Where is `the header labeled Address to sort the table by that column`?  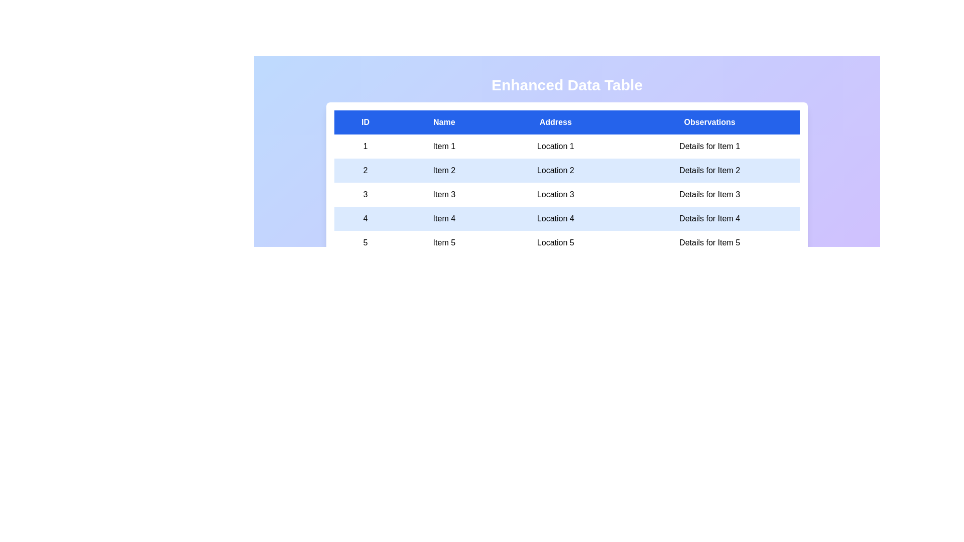
the header labeled Address to sort the table by that column is located at coordinates (554, 121).